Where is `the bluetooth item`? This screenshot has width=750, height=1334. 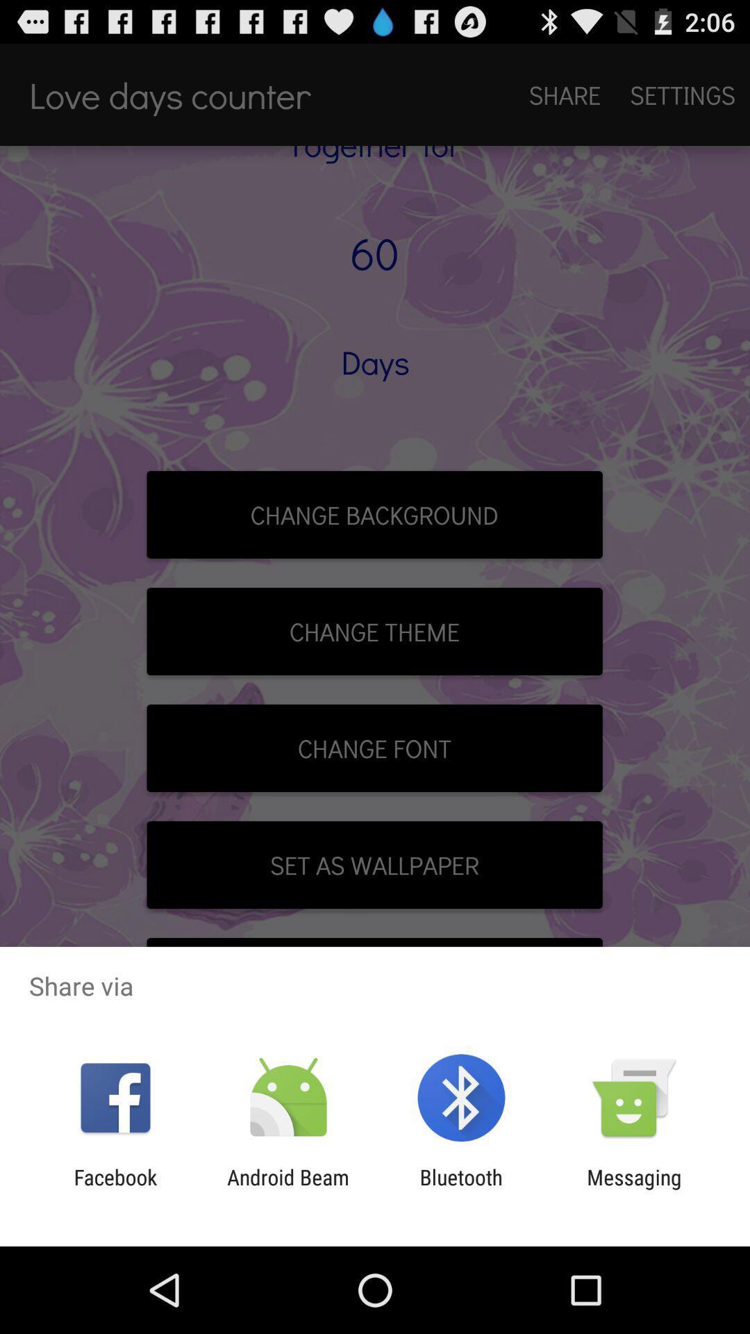 the bluetooth item is located at coordinates (461, 1189).